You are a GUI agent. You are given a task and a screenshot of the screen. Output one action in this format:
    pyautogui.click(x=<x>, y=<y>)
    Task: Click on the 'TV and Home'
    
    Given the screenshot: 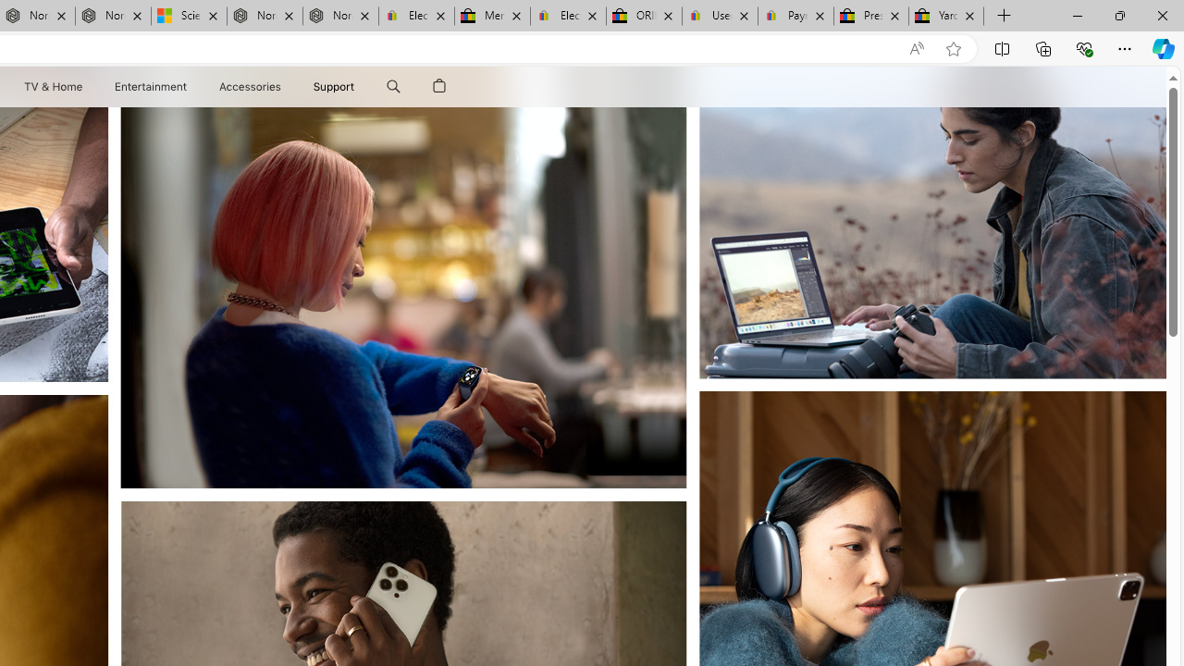 What is the action you would take?
    pyautogui.click(x=52, y=86)
    